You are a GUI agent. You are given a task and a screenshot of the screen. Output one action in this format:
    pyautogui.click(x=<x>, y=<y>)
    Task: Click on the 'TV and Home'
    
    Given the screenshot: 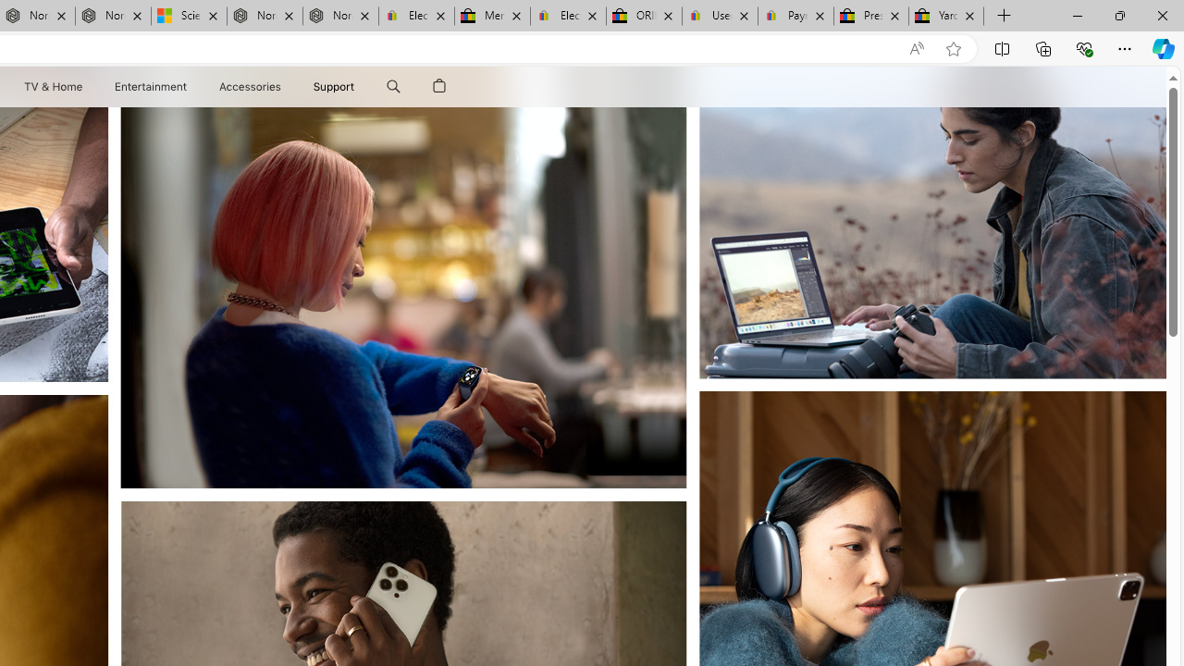 What is the action you would take?
    pyautogui.click(x=52, y=86)
    